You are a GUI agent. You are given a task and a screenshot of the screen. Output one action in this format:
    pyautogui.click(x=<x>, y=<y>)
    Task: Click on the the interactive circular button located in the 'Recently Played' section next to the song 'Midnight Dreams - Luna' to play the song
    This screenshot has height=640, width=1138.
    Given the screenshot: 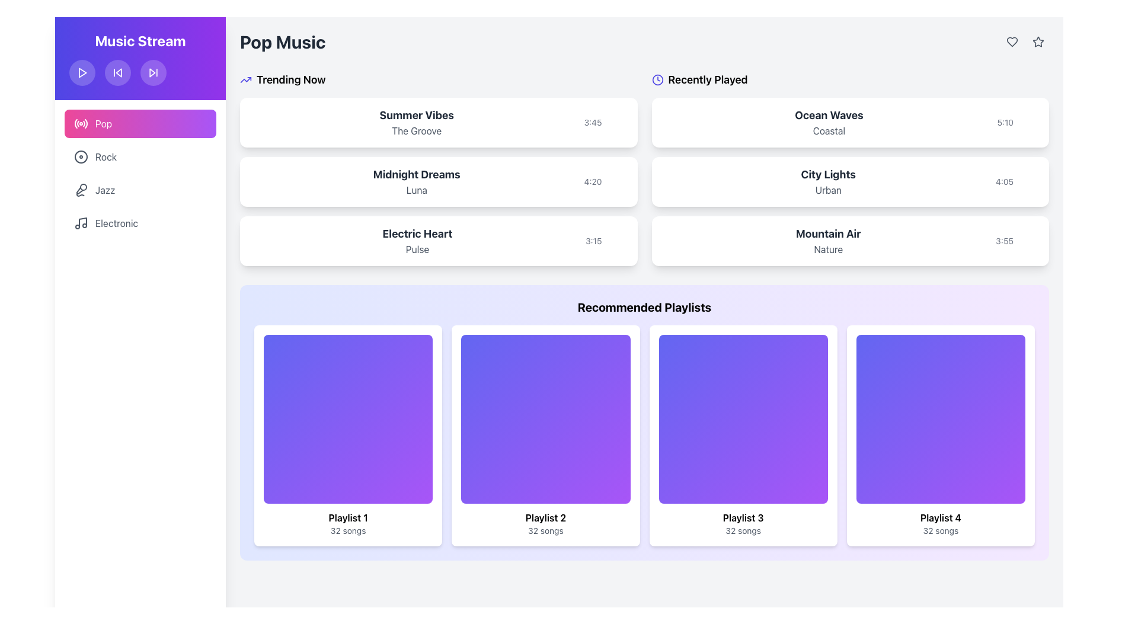 What is the action you would take?
    pyautogui.click(x=606, y=182)
    